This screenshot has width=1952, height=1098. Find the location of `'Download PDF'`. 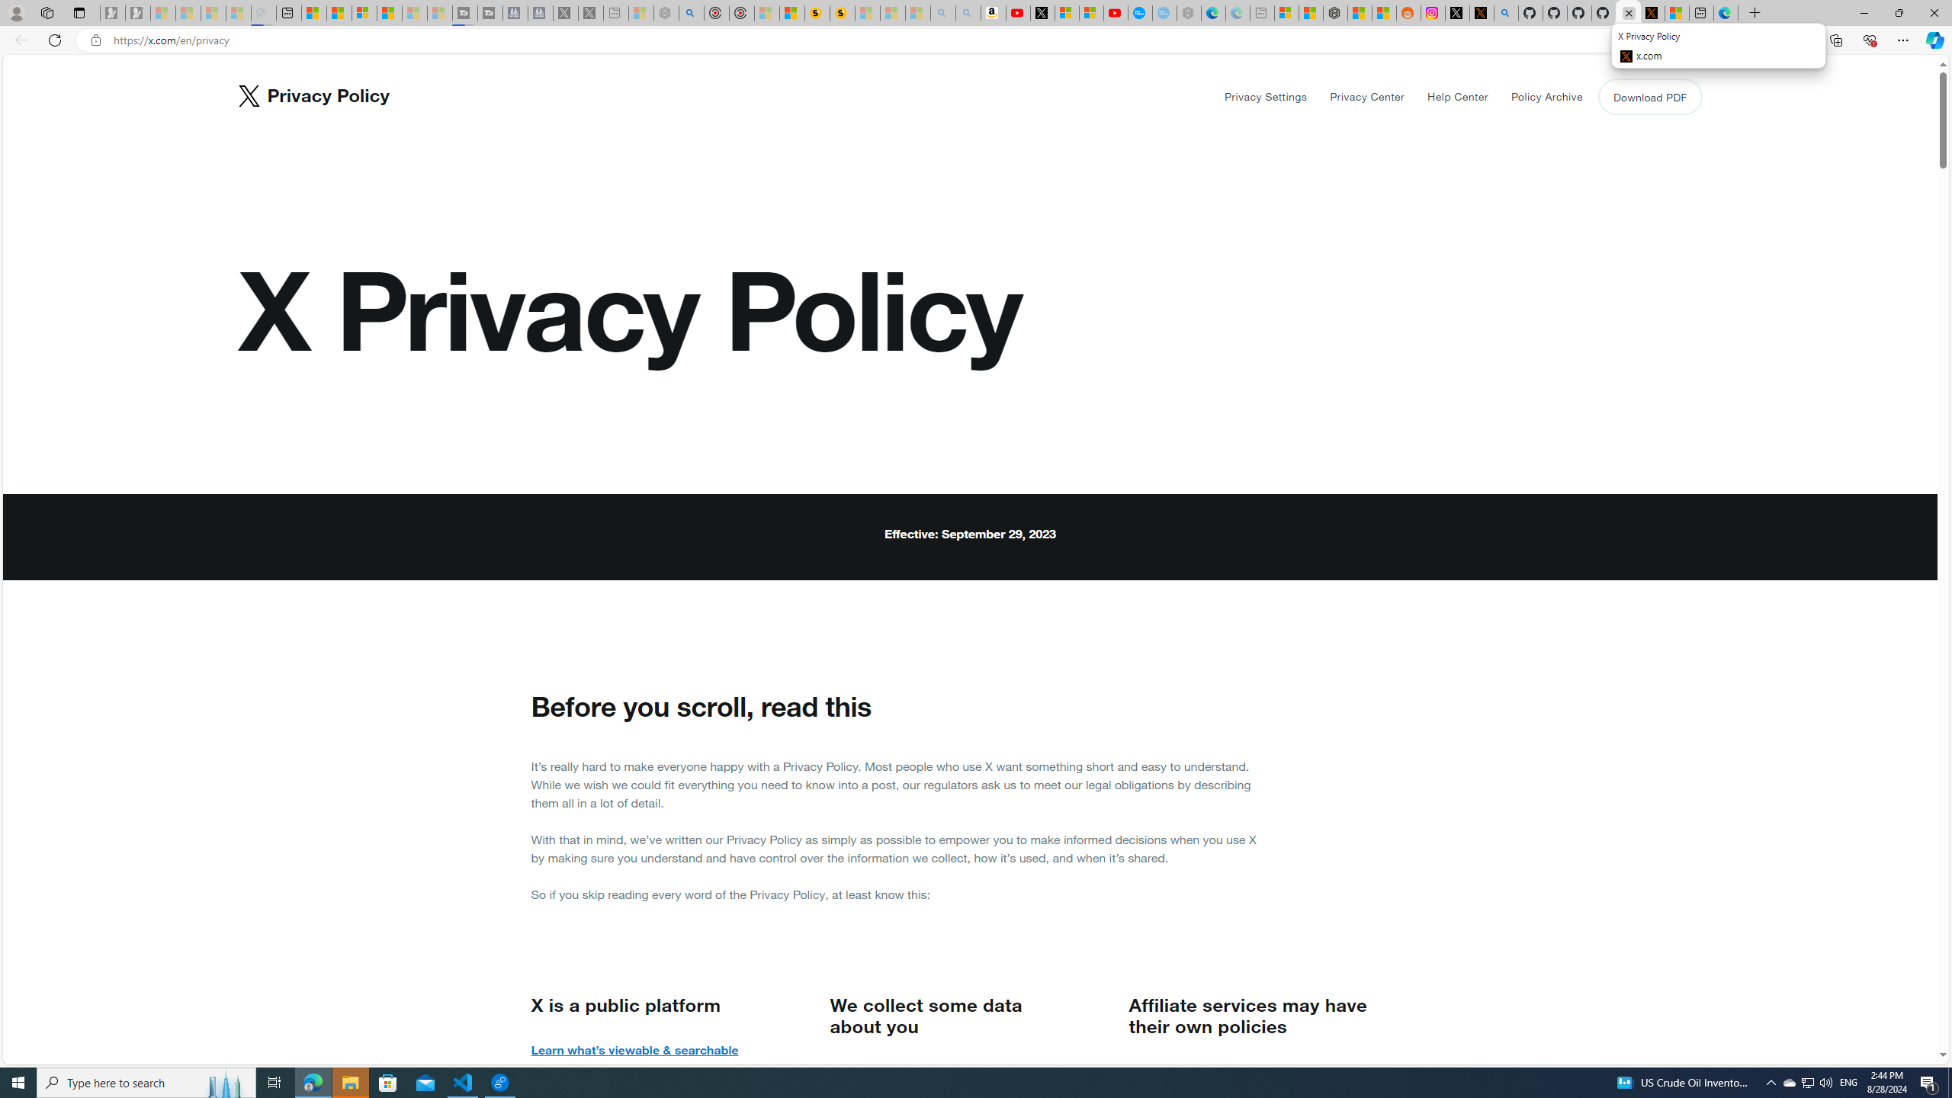

'Download PDF' is located at coordinates (1649, 96).